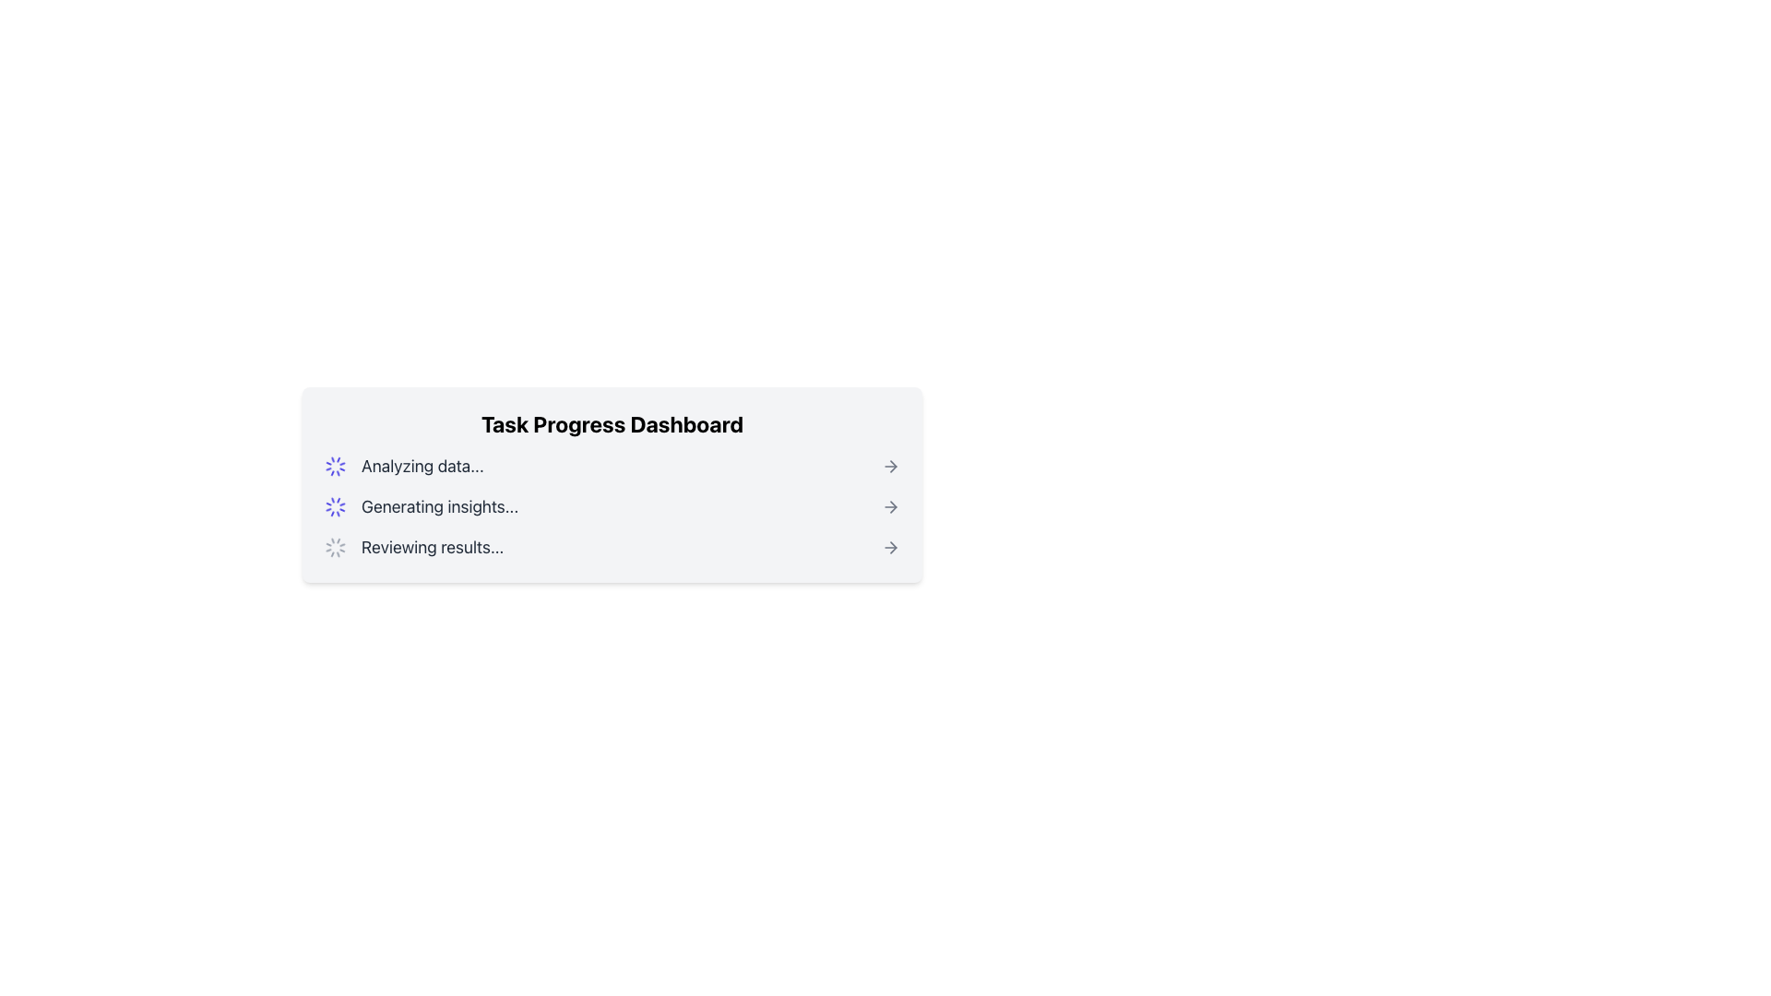  I want to click on displayed text from the Status Indicator showing 'Generating insights...' located in the Task Progress Dashboard, which is the second item in the list, so click(421, 507).